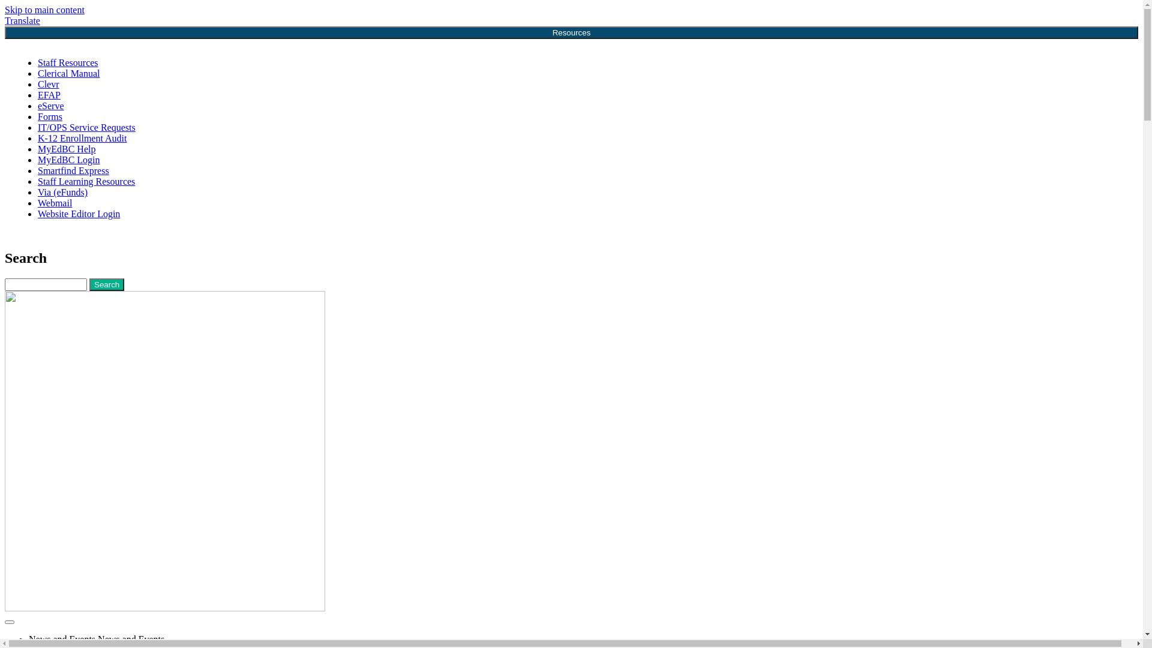 The image size is (1152, 648). Describe the element at coordinates (37, 148) in the screenshot. I see `'MyEdBC Help'` at that location.